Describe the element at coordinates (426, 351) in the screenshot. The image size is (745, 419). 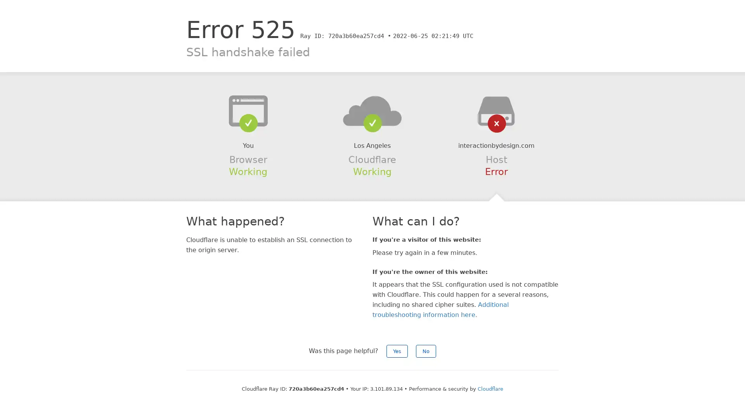
I see `No` at that location.